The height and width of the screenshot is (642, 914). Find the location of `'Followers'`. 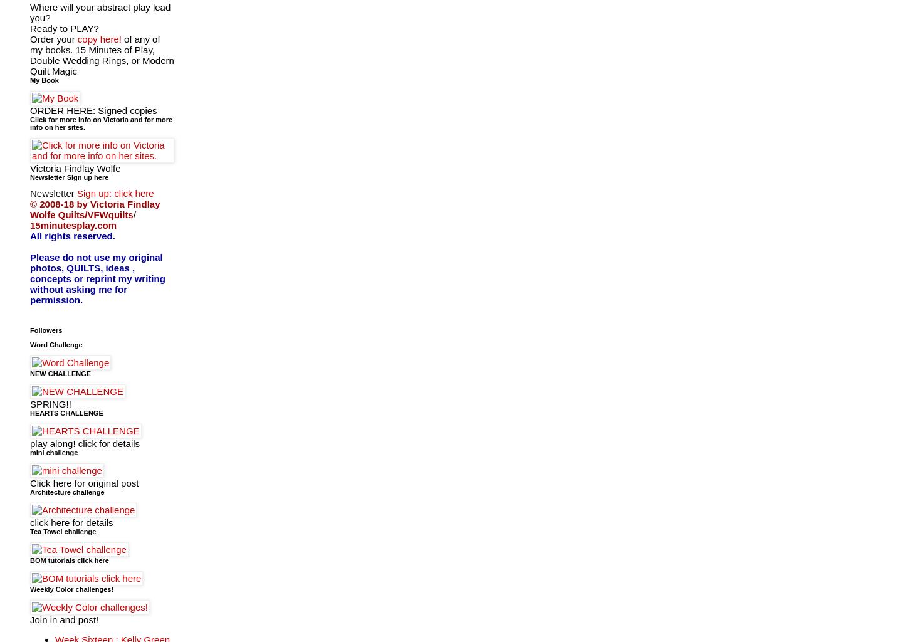

'Followers' is located at coordinates (45, 330).